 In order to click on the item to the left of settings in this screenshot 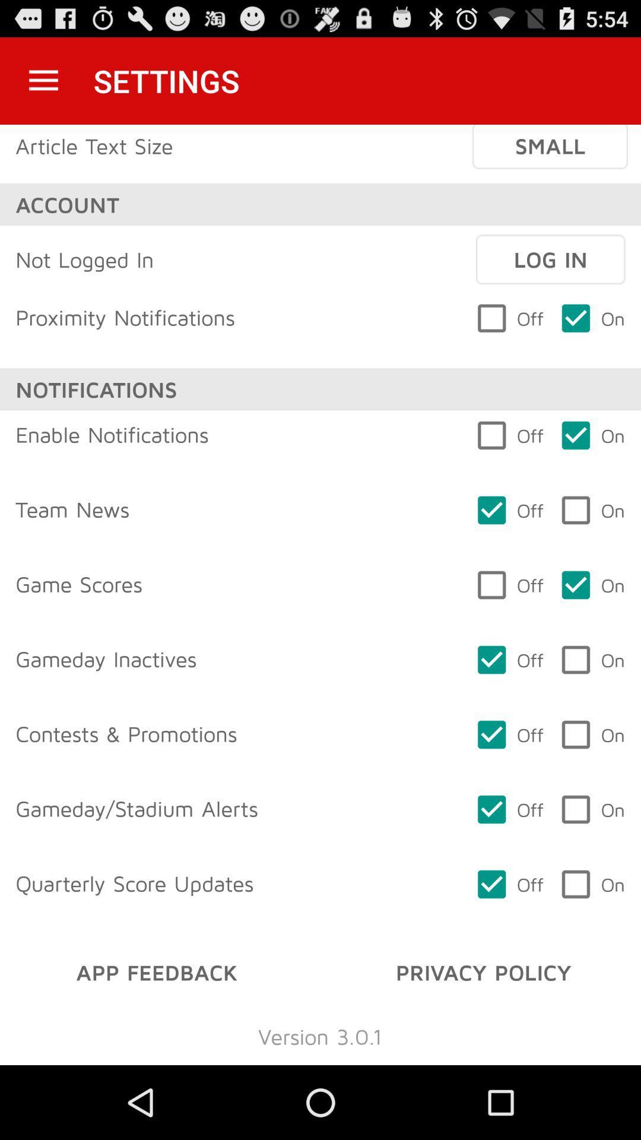, I will do `click(43, 80)`.